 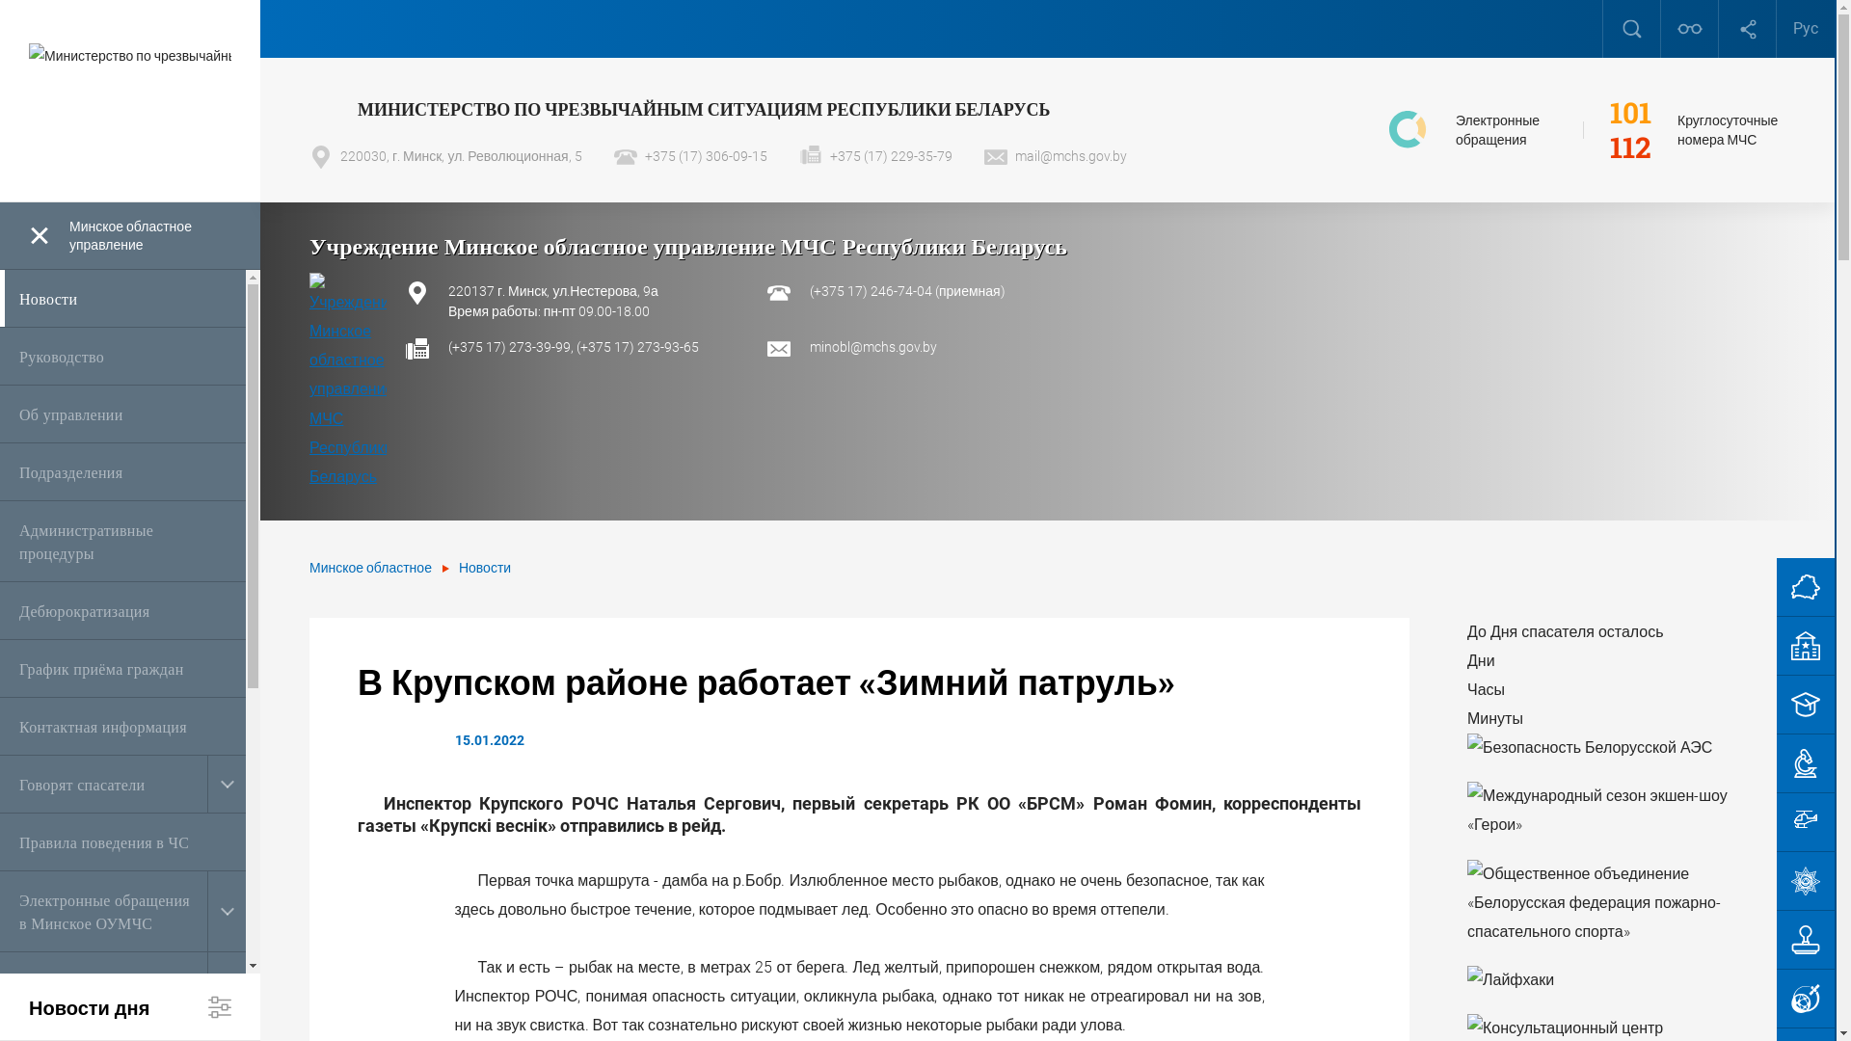 I want to click on '101', so click(x=1629, y=112).